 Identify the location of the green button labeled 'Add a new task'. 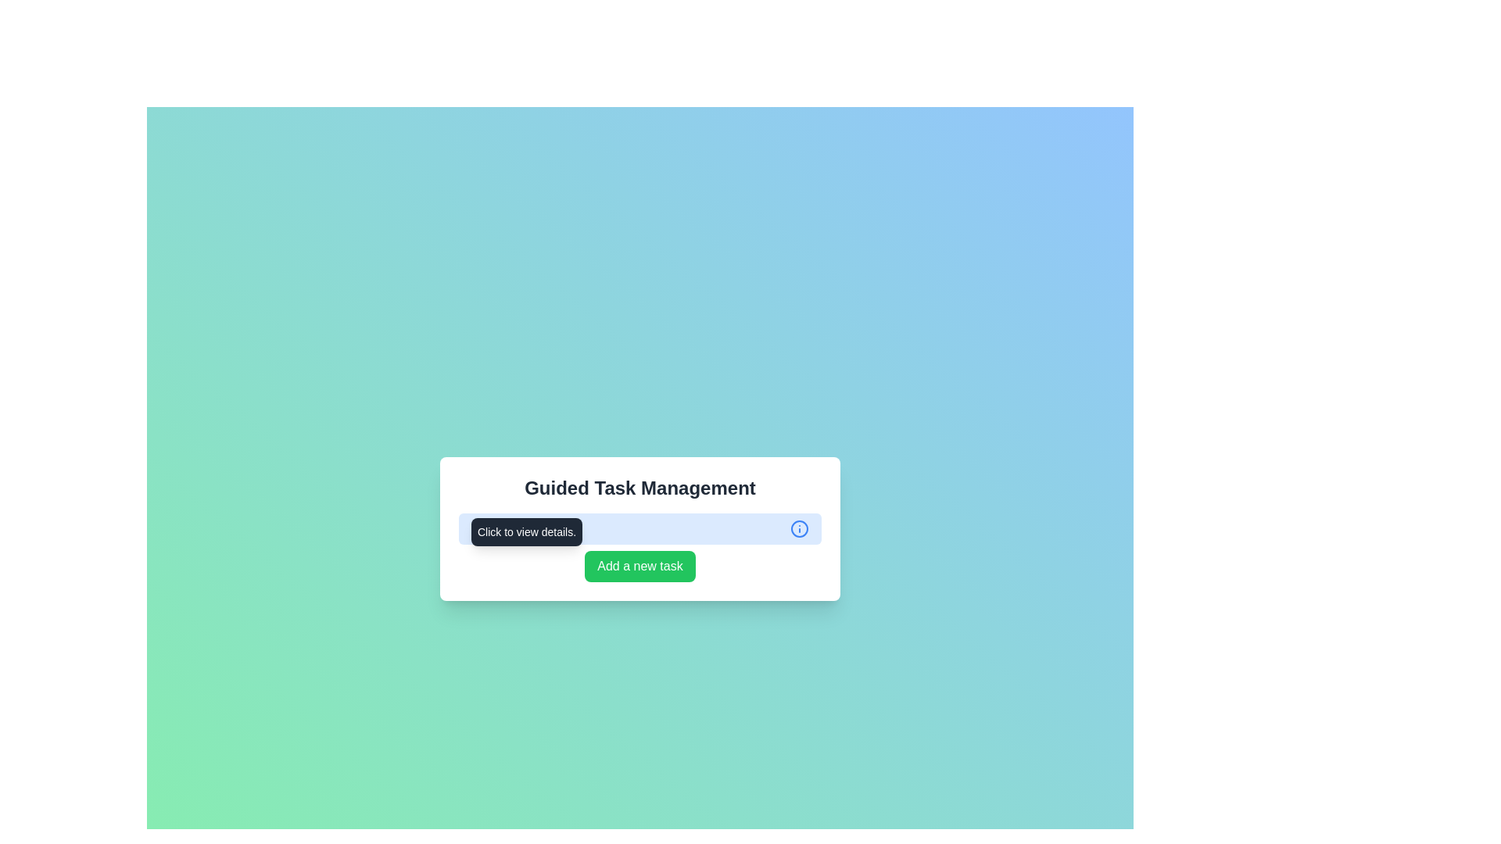
(640, 547).